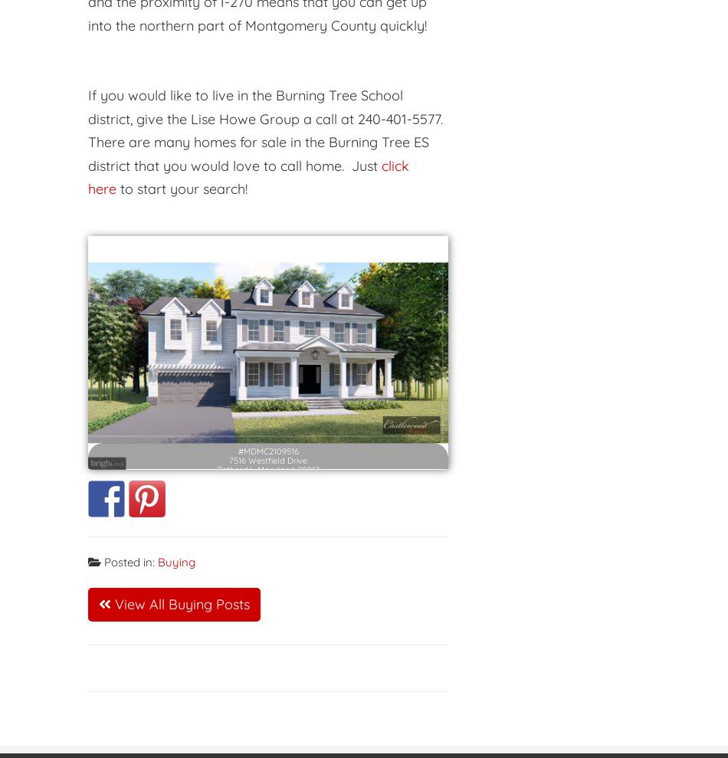 The image size is (728, 758). Describe the element at coordinates (182, 188) in the screenshot. I see `'to start your search!'` at that location.